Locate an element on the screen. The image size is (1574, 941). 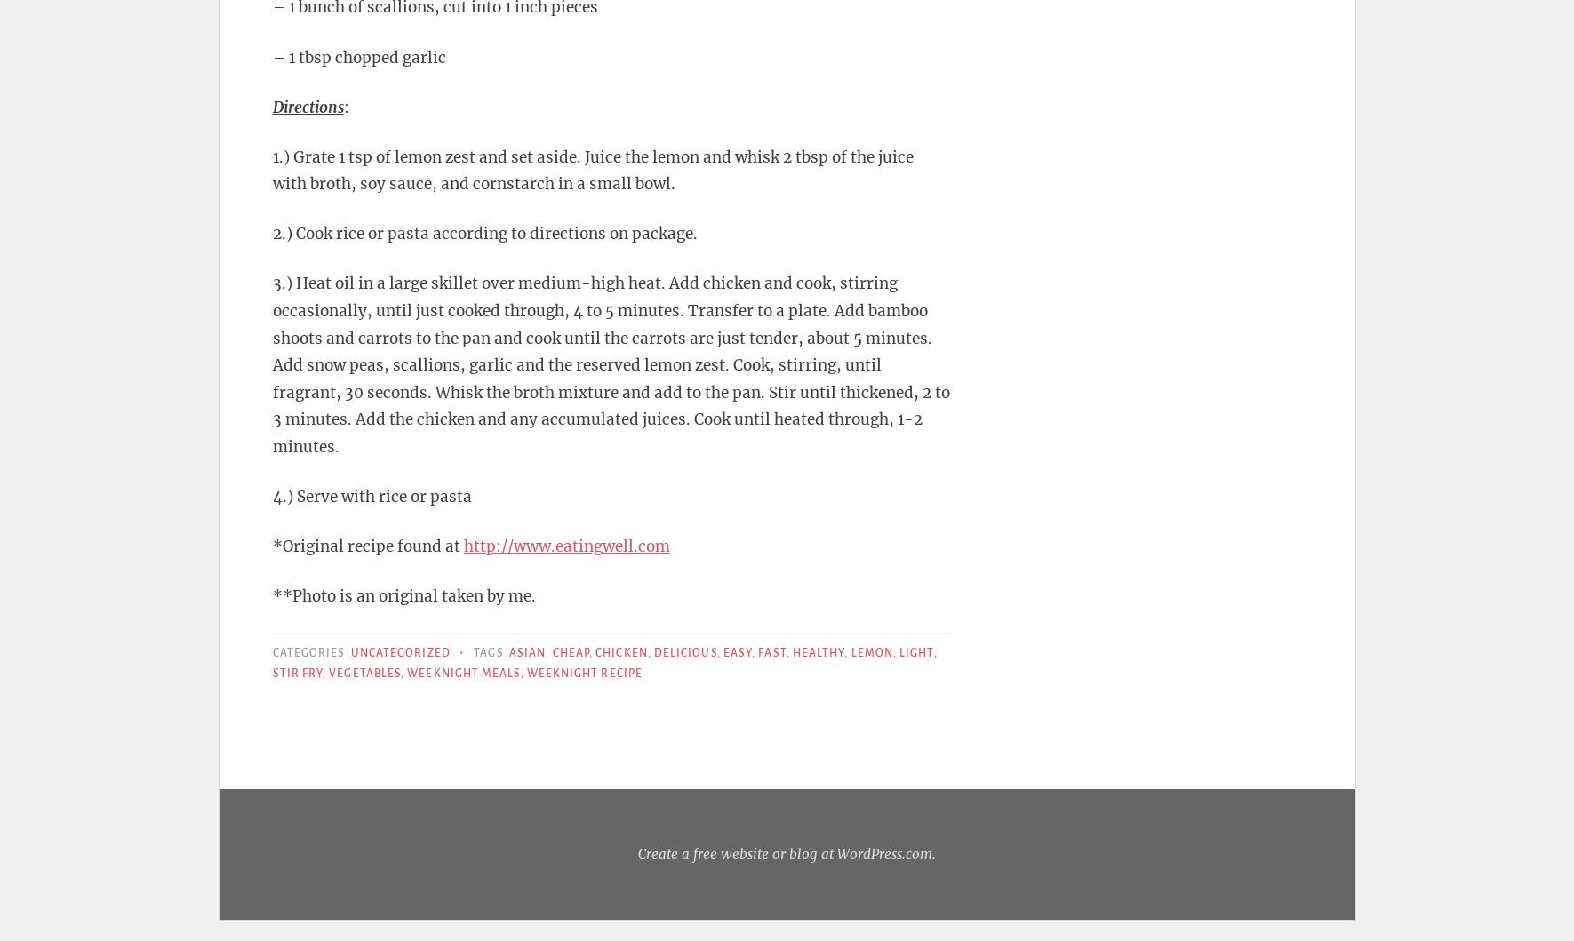
'asian' is located at coordinates (526, 653).